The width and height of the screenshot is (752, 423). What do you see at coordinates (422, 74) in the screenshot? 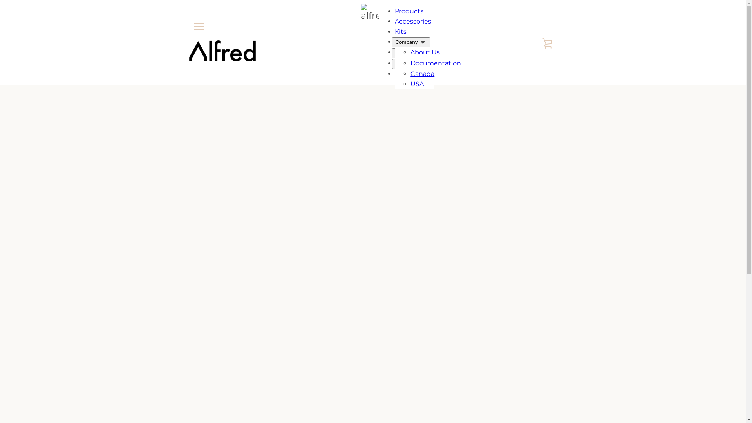
I see `'Canada'` at bounding box center [422, 74].